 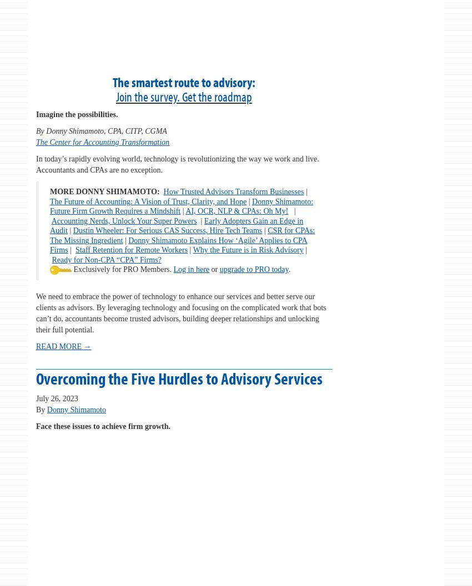 I want to click on 'The Center for Accounting Transformation', so click(x=102, y=142).